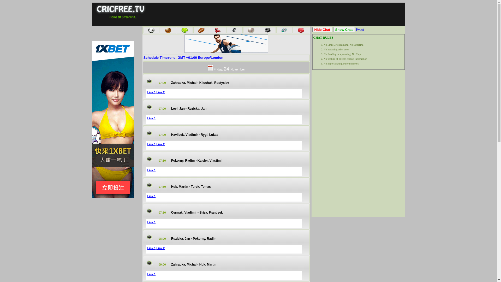 The image size is (501, 282). Describe the element at coordinates (151, 118) in the screenshot. I see `'Link 1'` at that location.